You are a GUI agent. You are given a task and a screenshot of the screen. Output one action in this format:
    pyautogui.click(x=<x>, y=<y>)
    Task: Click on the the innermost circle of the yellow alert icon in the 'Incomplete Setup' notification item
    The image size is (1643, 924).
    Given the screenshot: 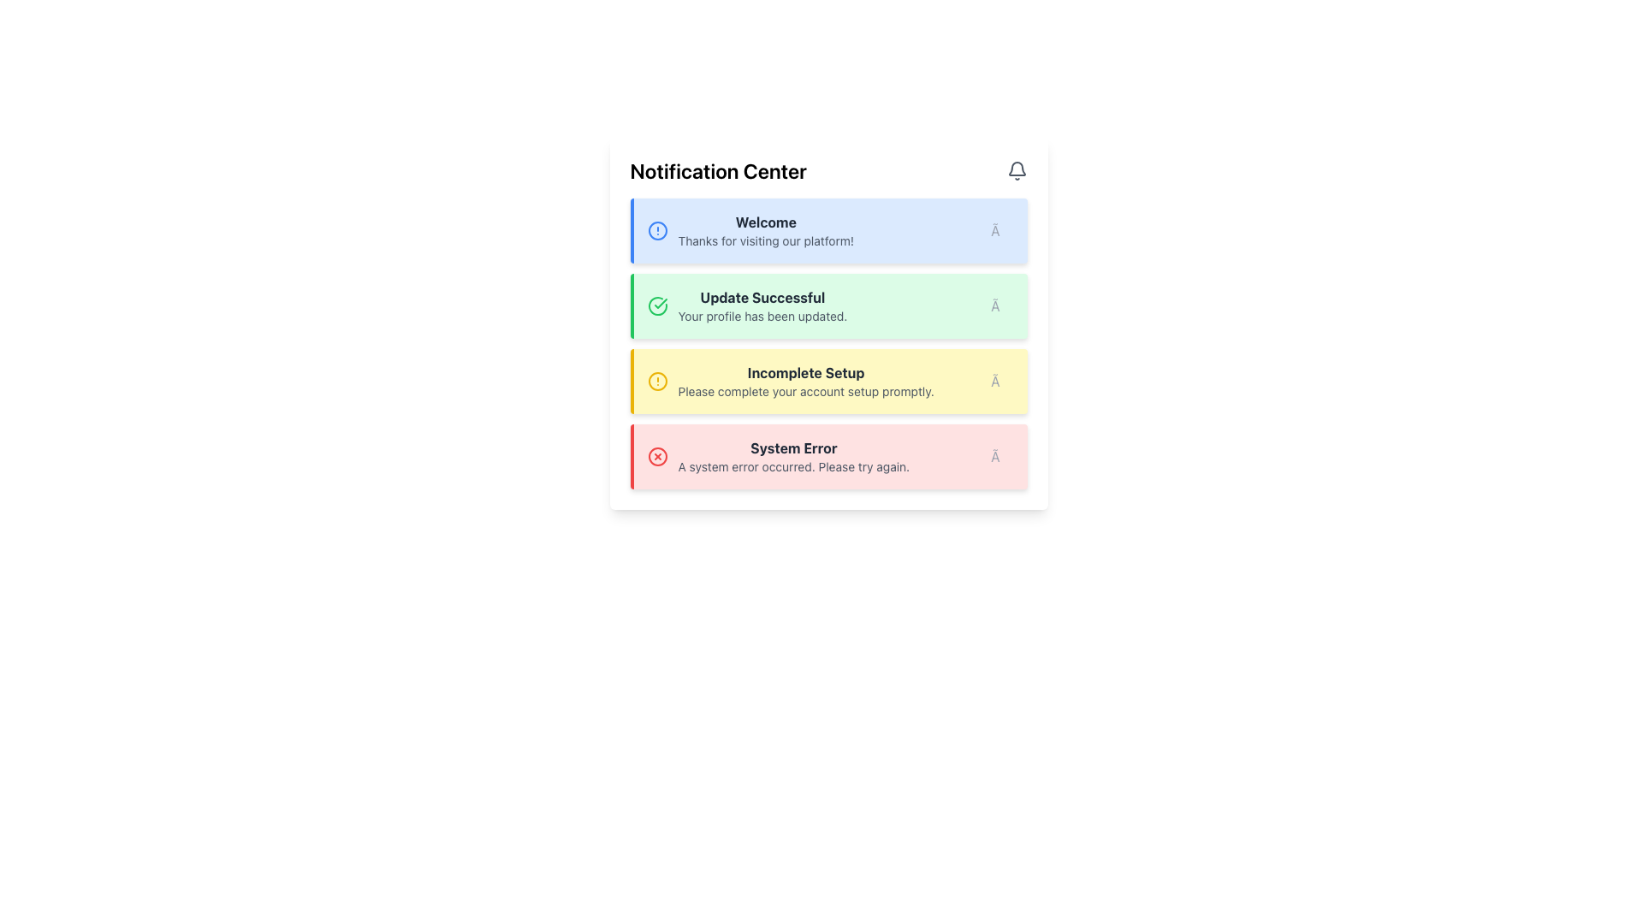 What is the action you would take?
    pyautogui.click(x=656, y=381)
    